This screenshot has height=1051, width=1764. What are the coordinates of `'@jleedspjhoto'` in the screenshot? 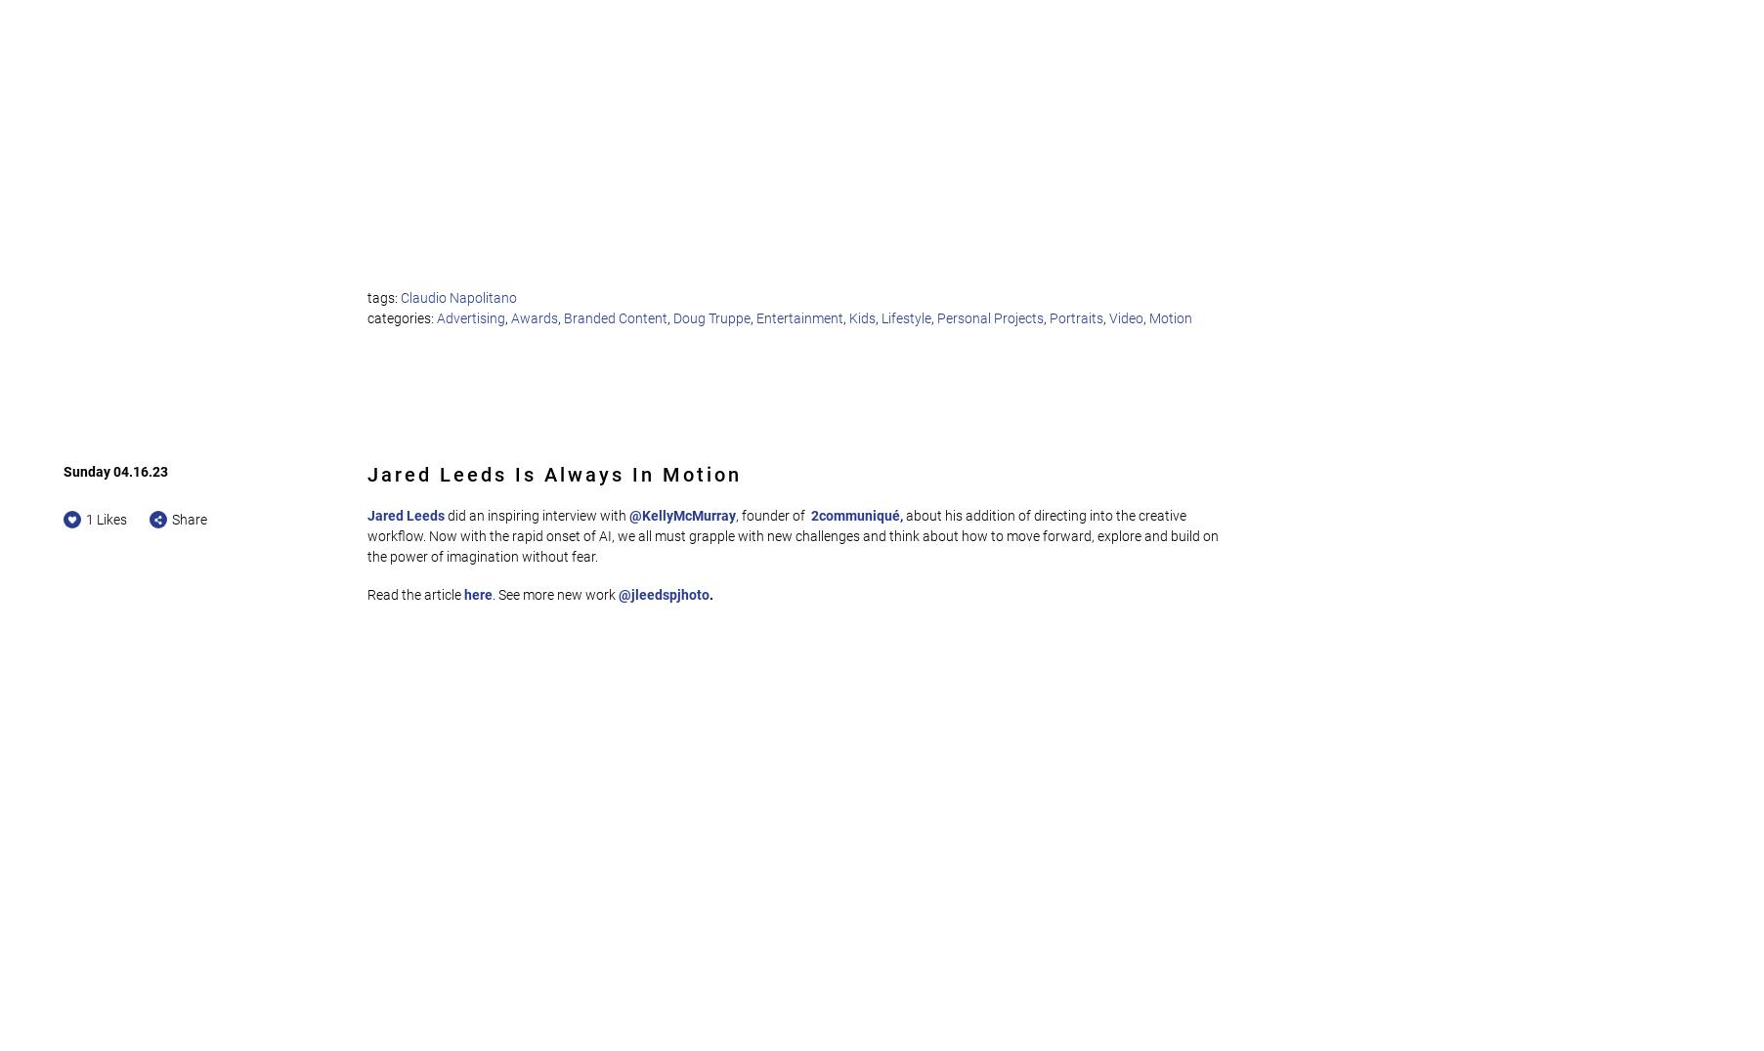 It's located at (664, 594).